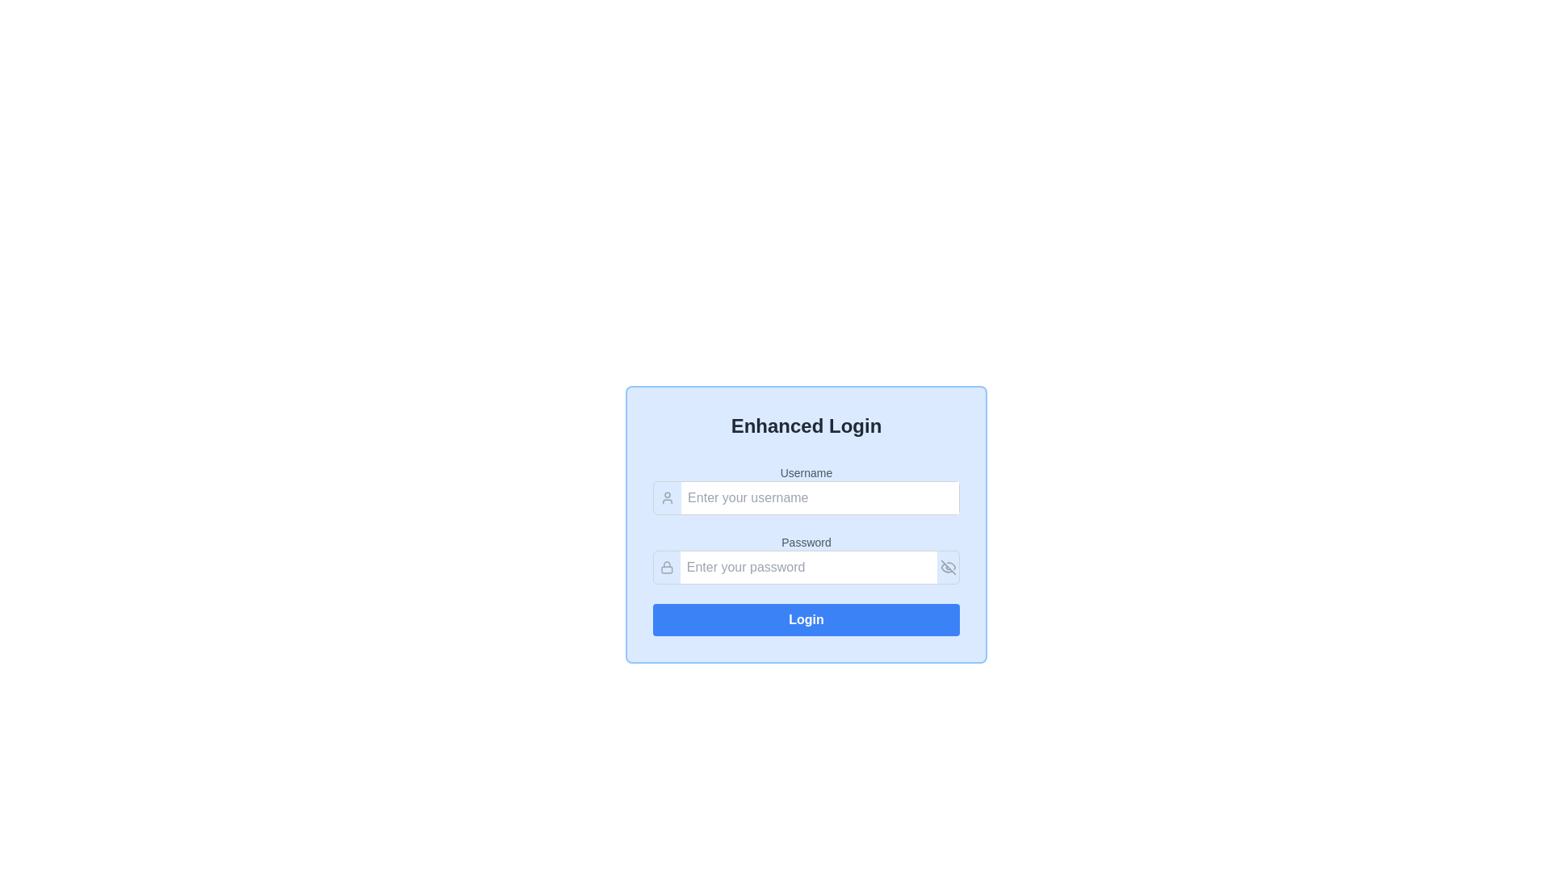  I want to click on the password input field, so click(806, 566).